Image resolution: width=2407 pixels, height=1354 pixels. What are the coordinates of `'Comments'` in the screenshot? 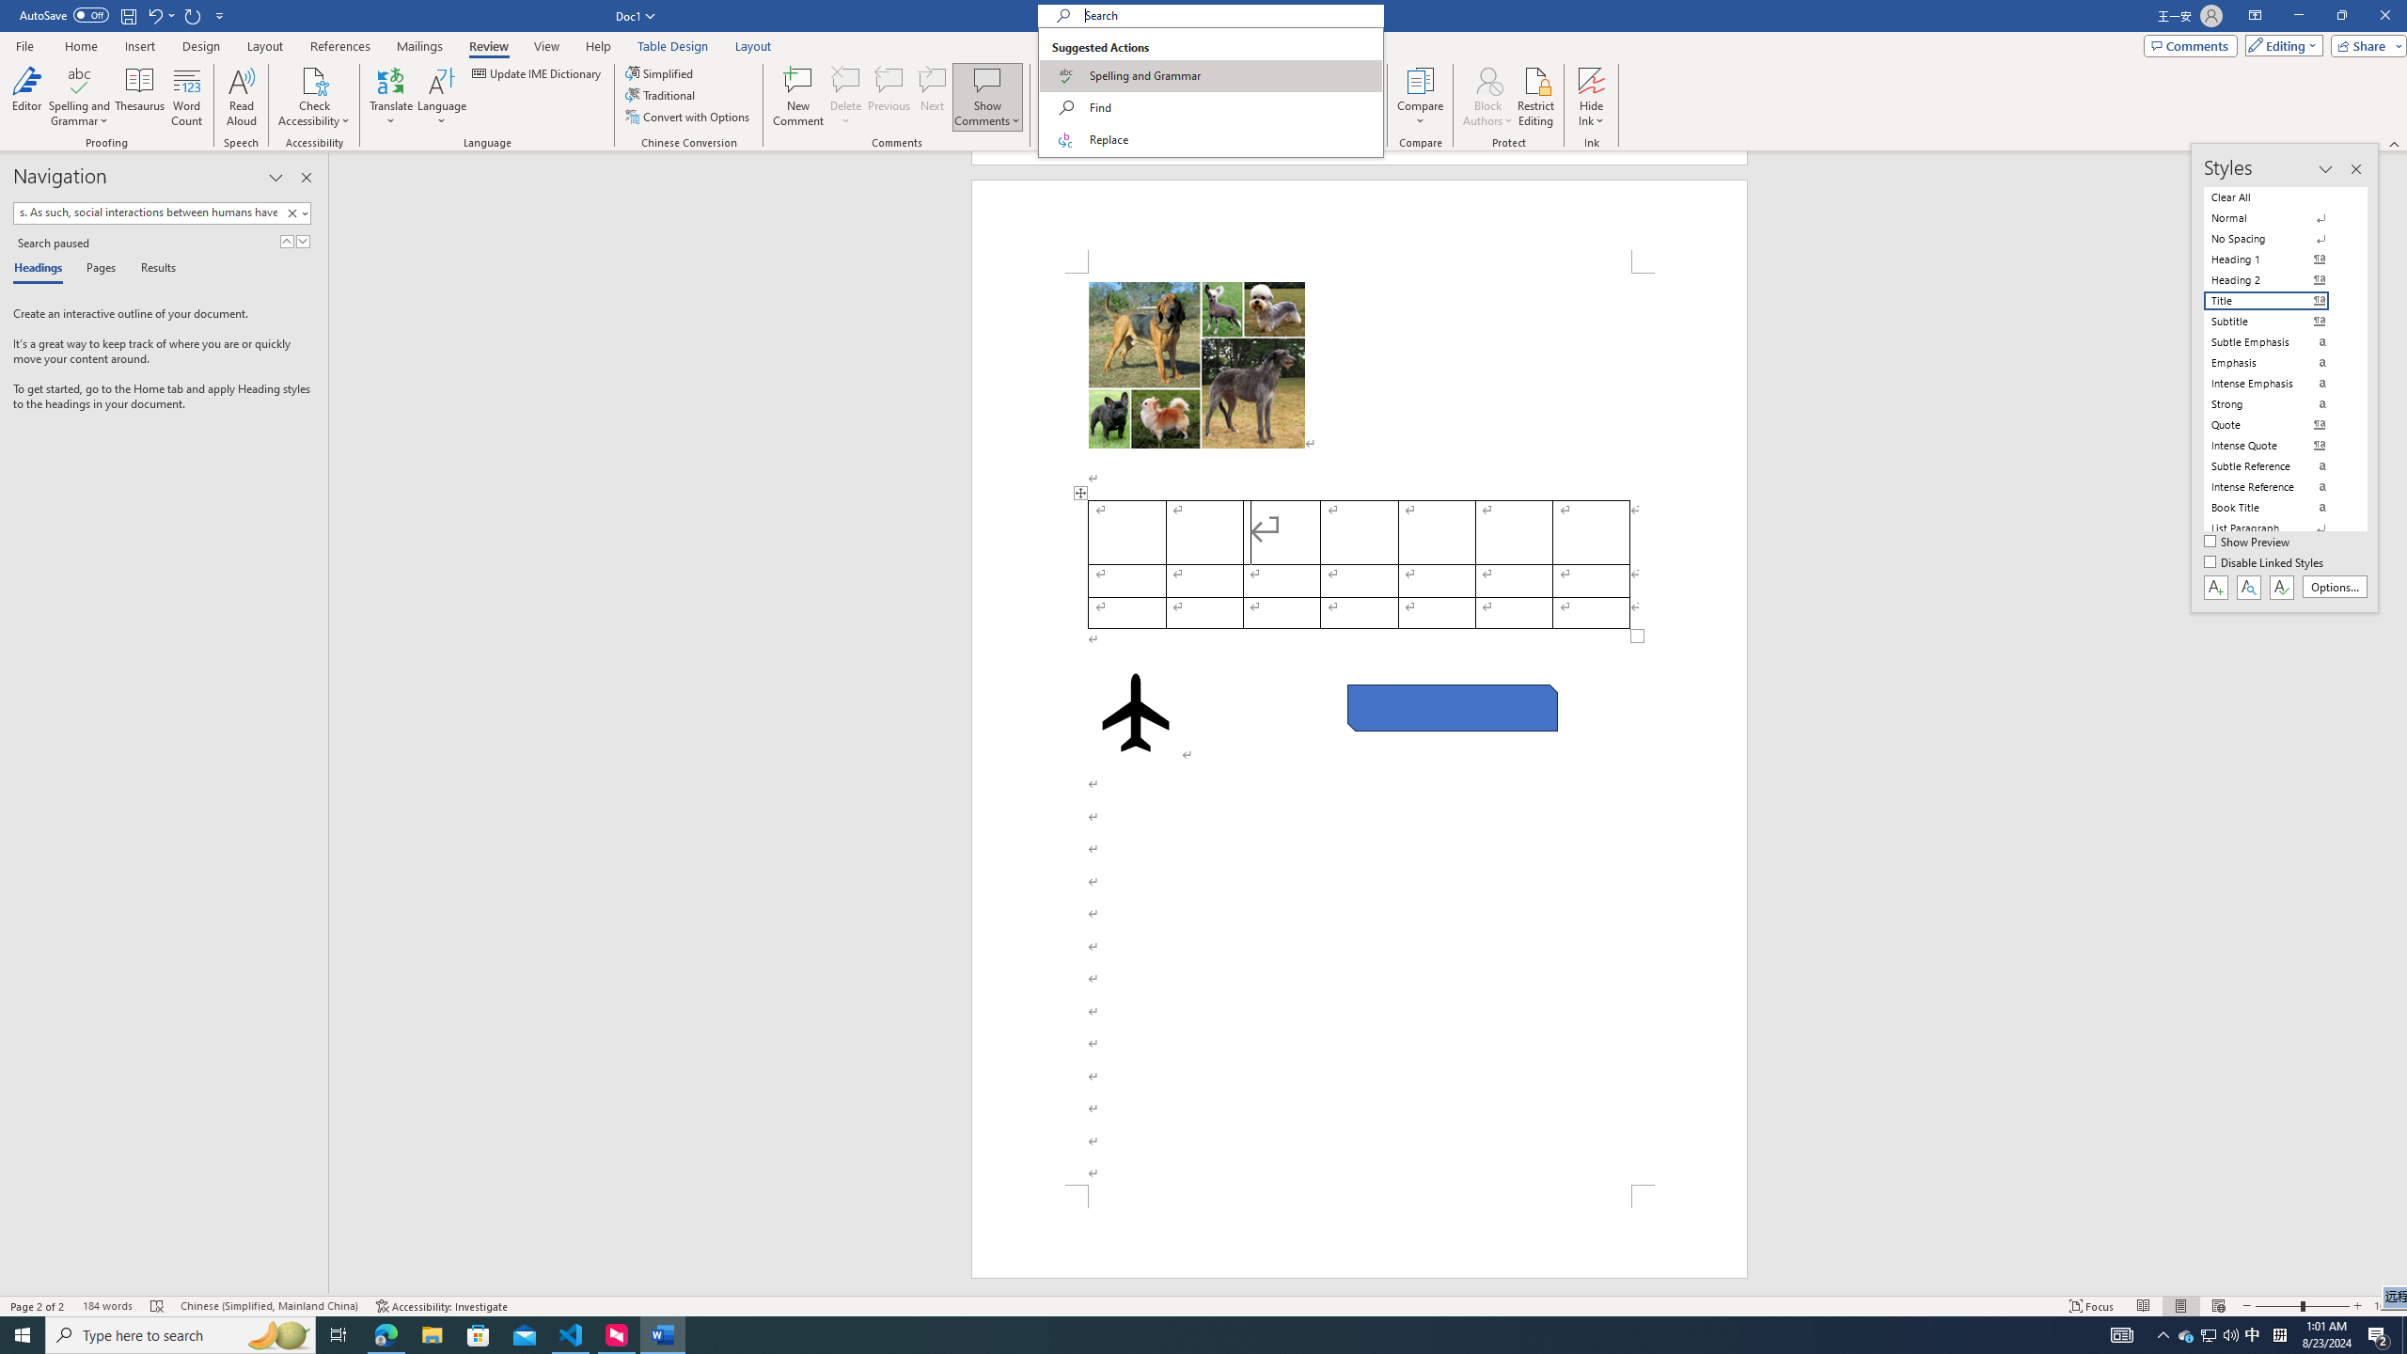 It's located at (2190, 44).